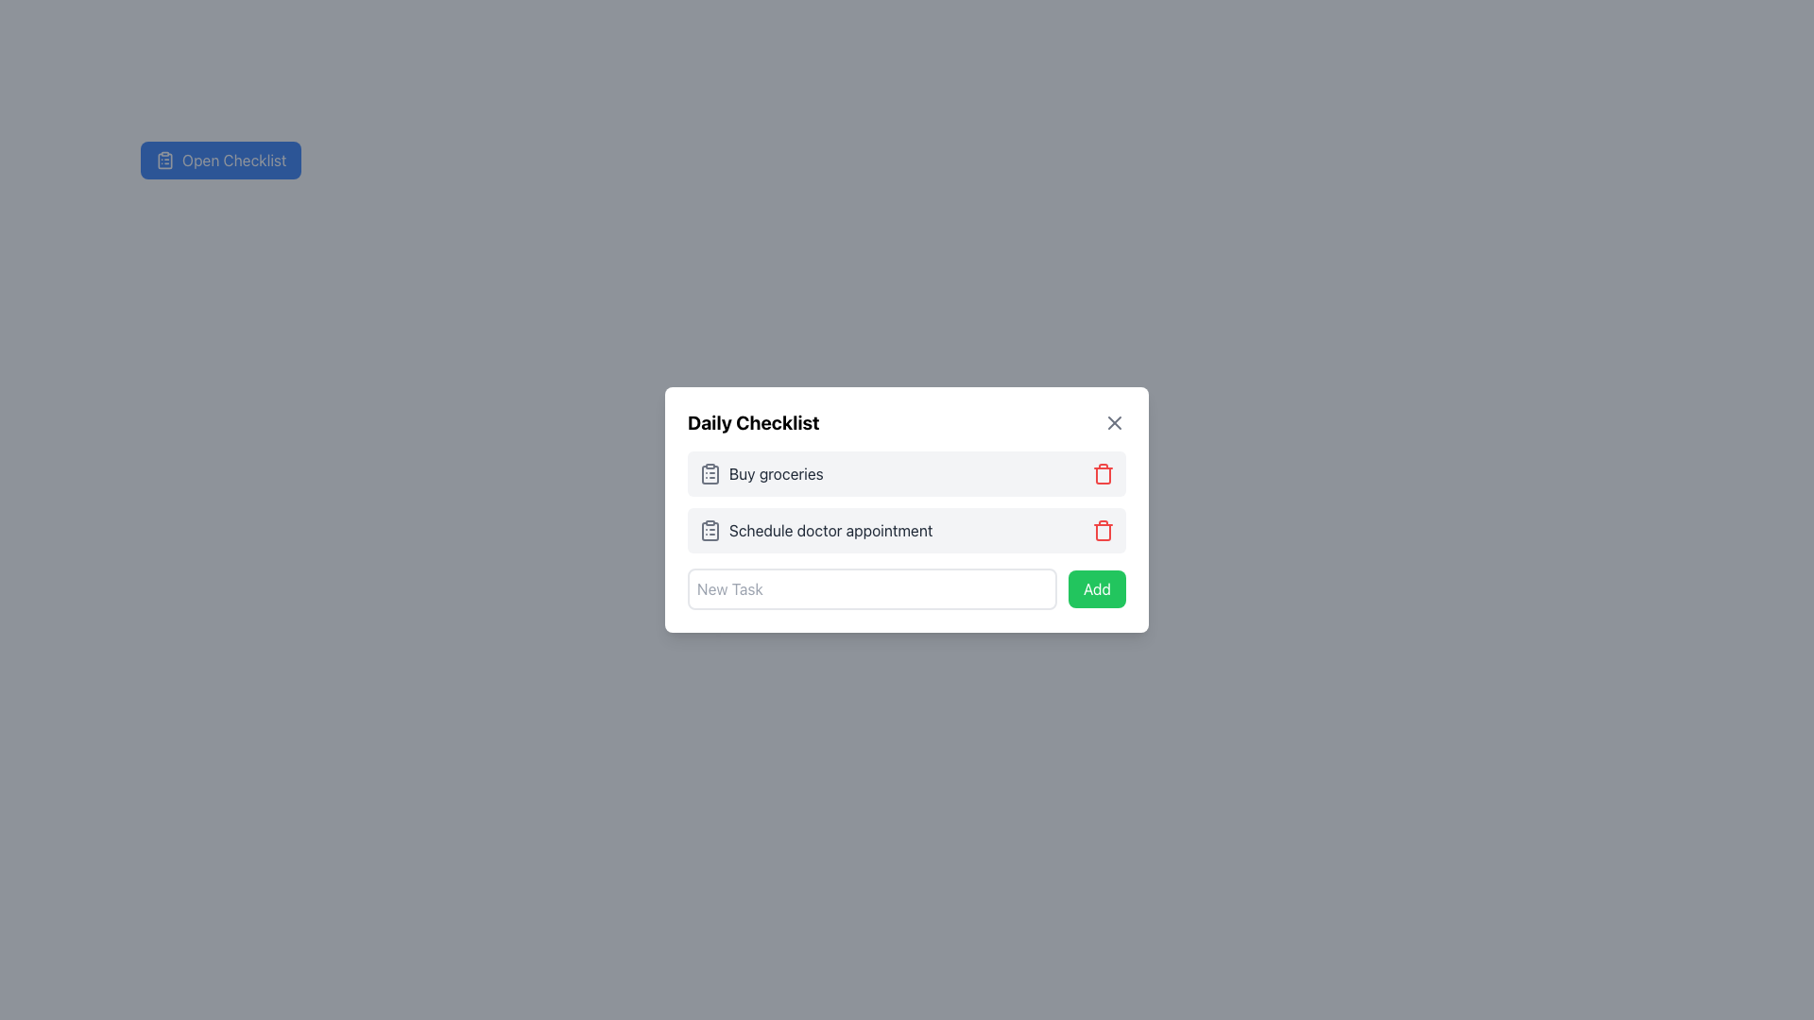  I want to click on the close icon in the top-right corner of the checklist interface, so click(1115, 421).